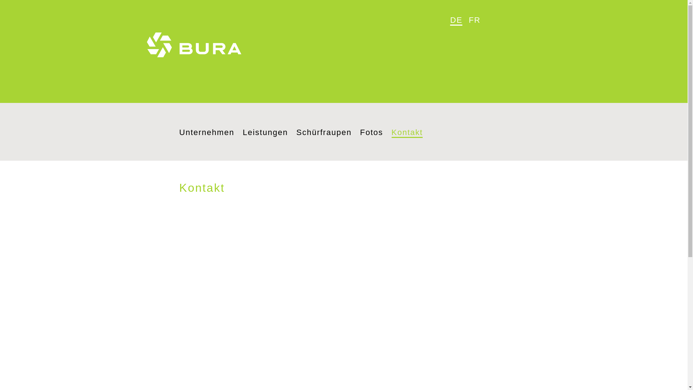 This screenshot has height=390, width=693. What do you see at coordinates (475, 19) in the screenshot?
I see `'FR'` at bounding box center [475, 19].